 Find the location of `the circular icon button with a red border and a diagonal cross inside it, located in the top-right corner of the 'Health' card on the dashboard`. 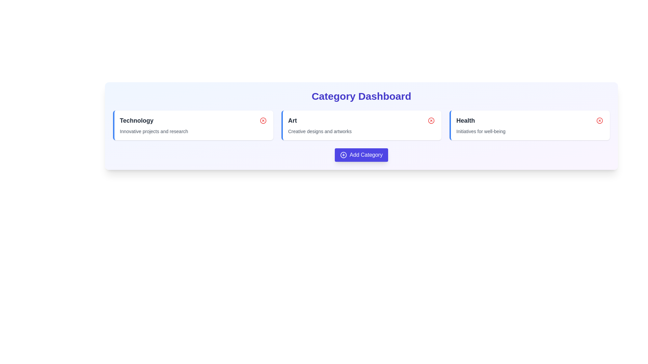

the circular icon button with a red border and a diagonal cross inside it, located in the top-right corner of the 'Health' card on the dashboard is located at coordinates (599, 120).